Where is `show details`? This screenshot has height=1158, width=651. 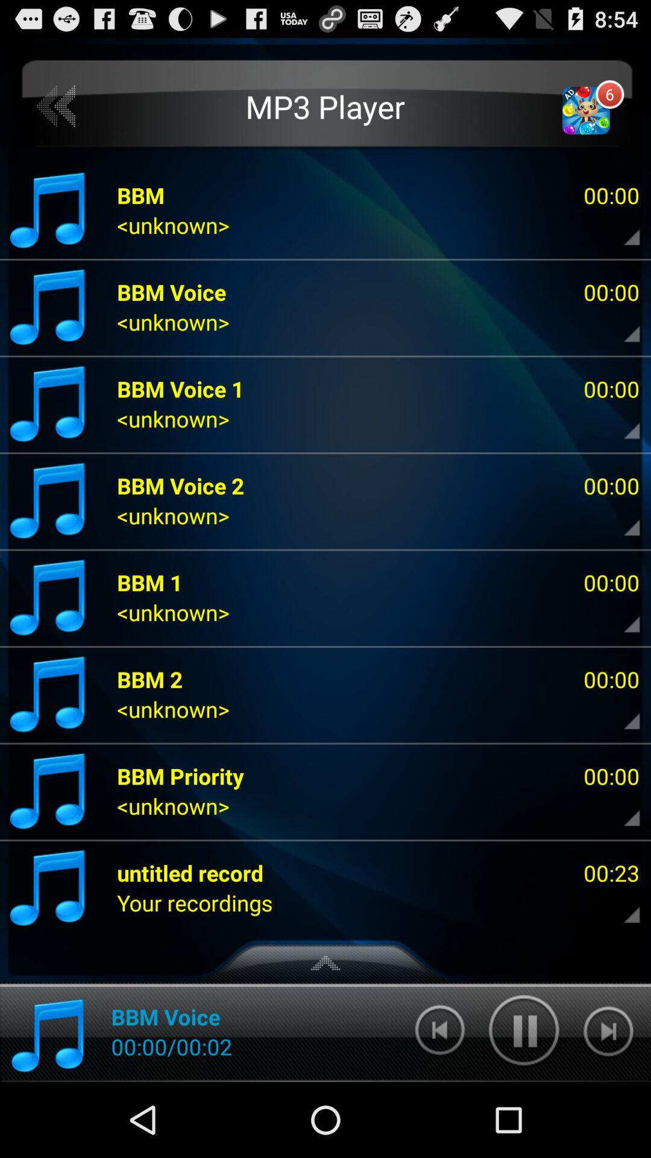
show details is located at coordinates (621, 903).